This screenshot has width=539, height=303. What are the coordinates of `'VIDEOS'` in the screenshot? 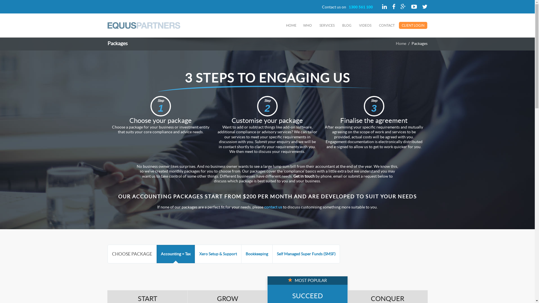 It's located at (365, 25).